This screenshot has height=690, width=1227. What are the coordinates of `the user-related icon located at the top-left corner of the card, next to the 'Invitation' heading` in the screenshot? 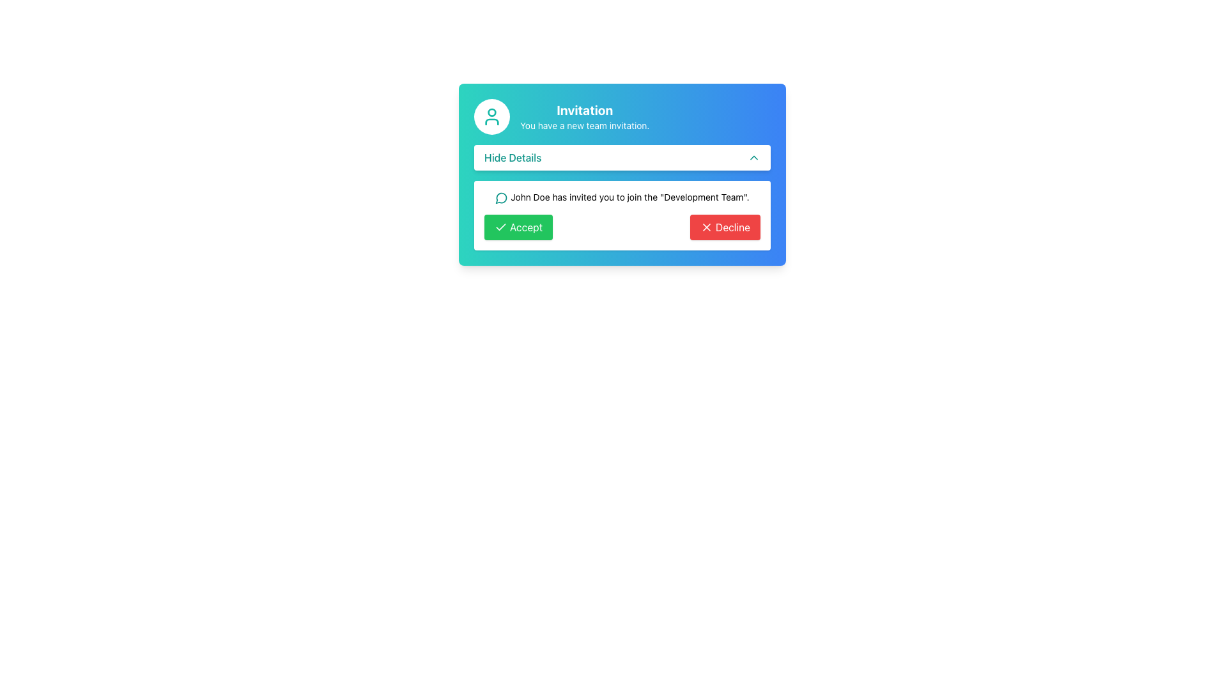 It's located at (491, 116).